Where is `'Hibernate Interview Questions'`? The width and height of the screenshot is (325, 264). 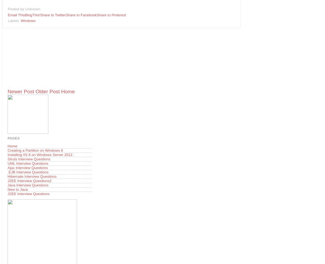
'Hibernate Interview Questions' is located at coordinates (32, 176).